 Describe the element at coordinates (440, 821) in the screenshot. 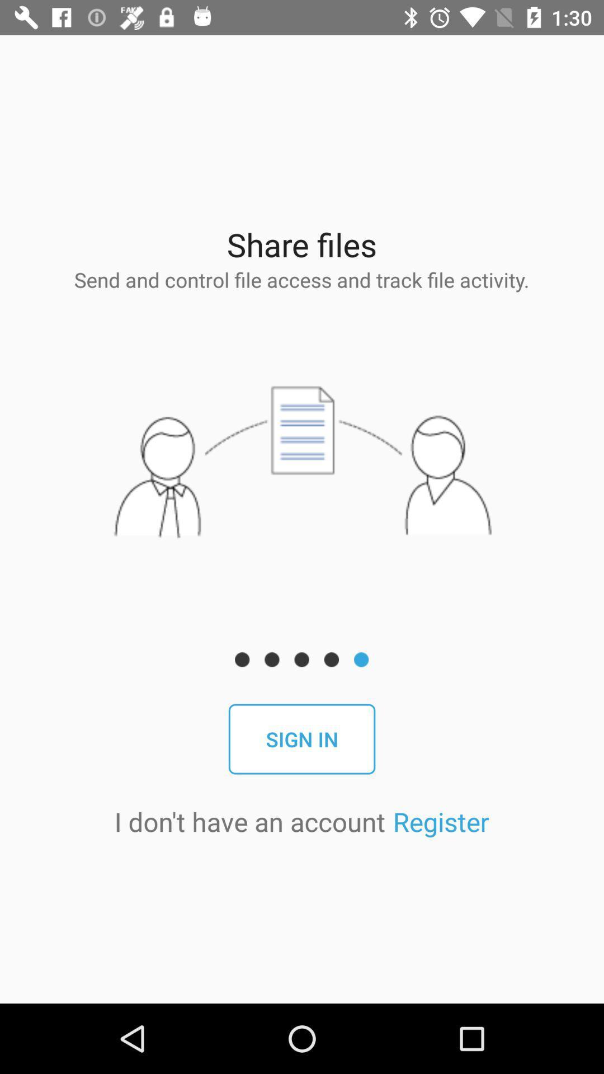

I see `the app at the bottom right corner` at that location.